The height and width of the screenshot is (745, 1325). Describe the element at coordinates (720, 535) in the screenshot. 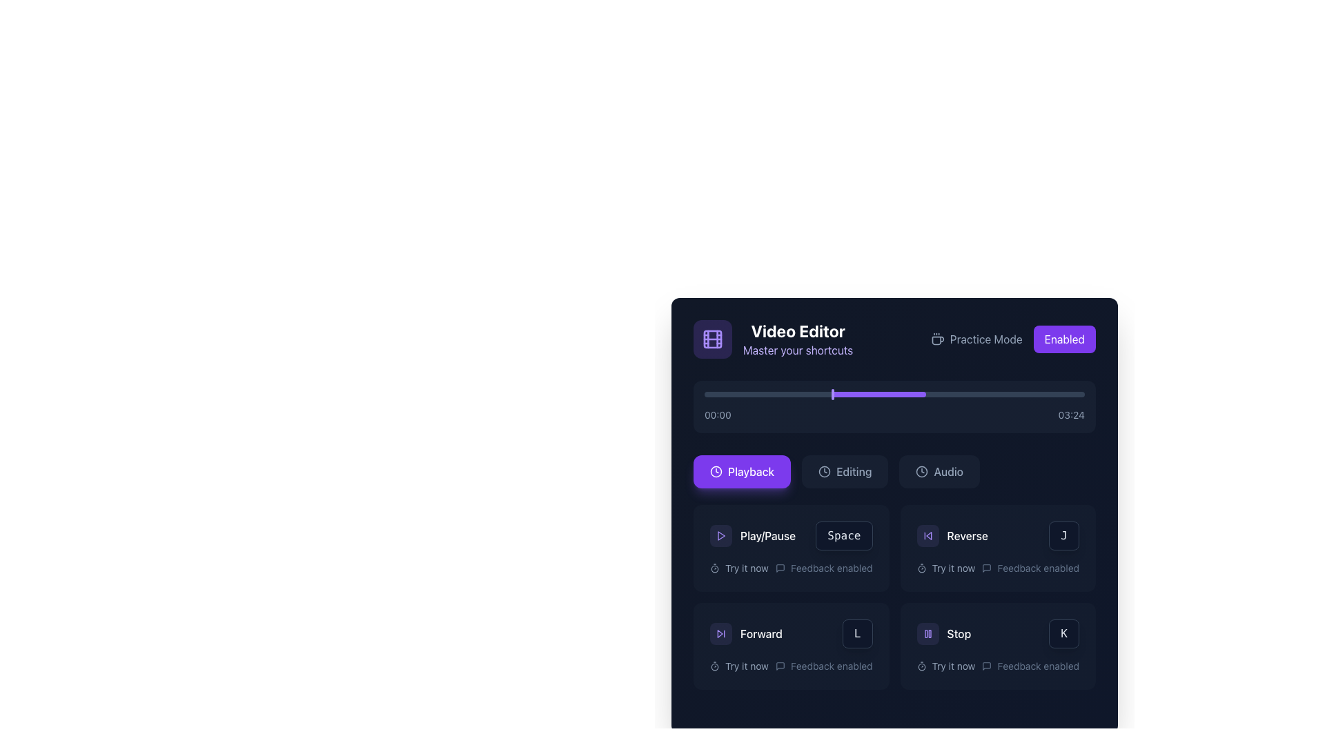

I see `the 'Play' icon located to the left of the 'Play/Pause' text in the 'Playback' section` at that location.